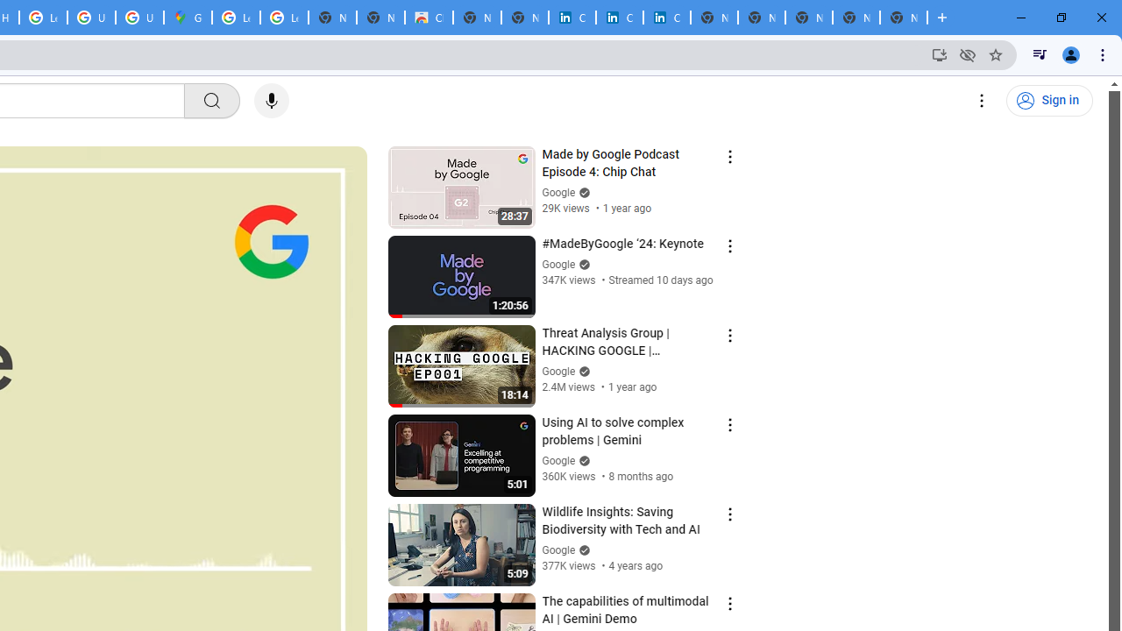 The width and height of the screenshot is (1122, 631). Describe the element at coordinates (939, 53) in the screenshot. I see `'Install YouTube'` at that location.